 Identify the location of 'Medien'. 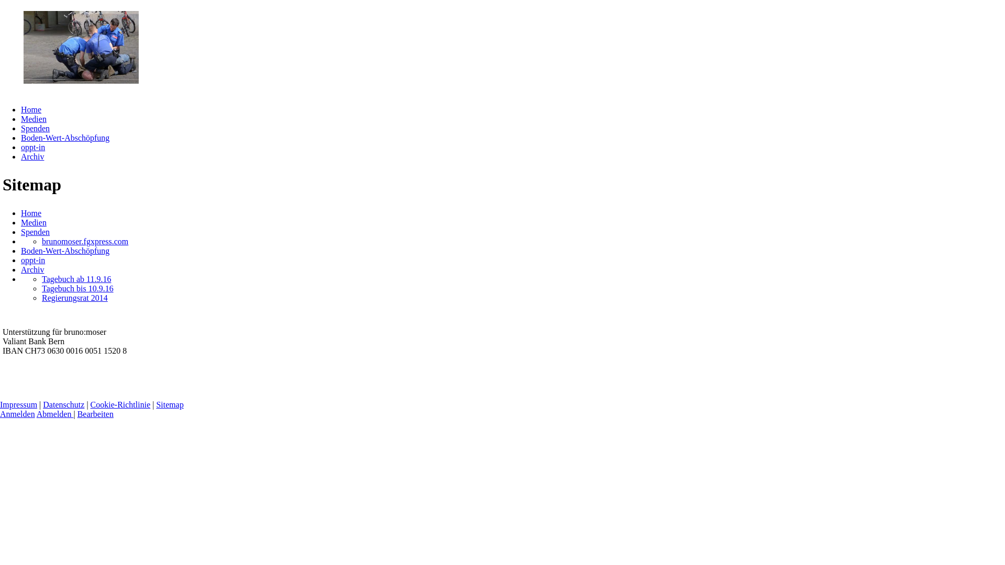
(33, 118).